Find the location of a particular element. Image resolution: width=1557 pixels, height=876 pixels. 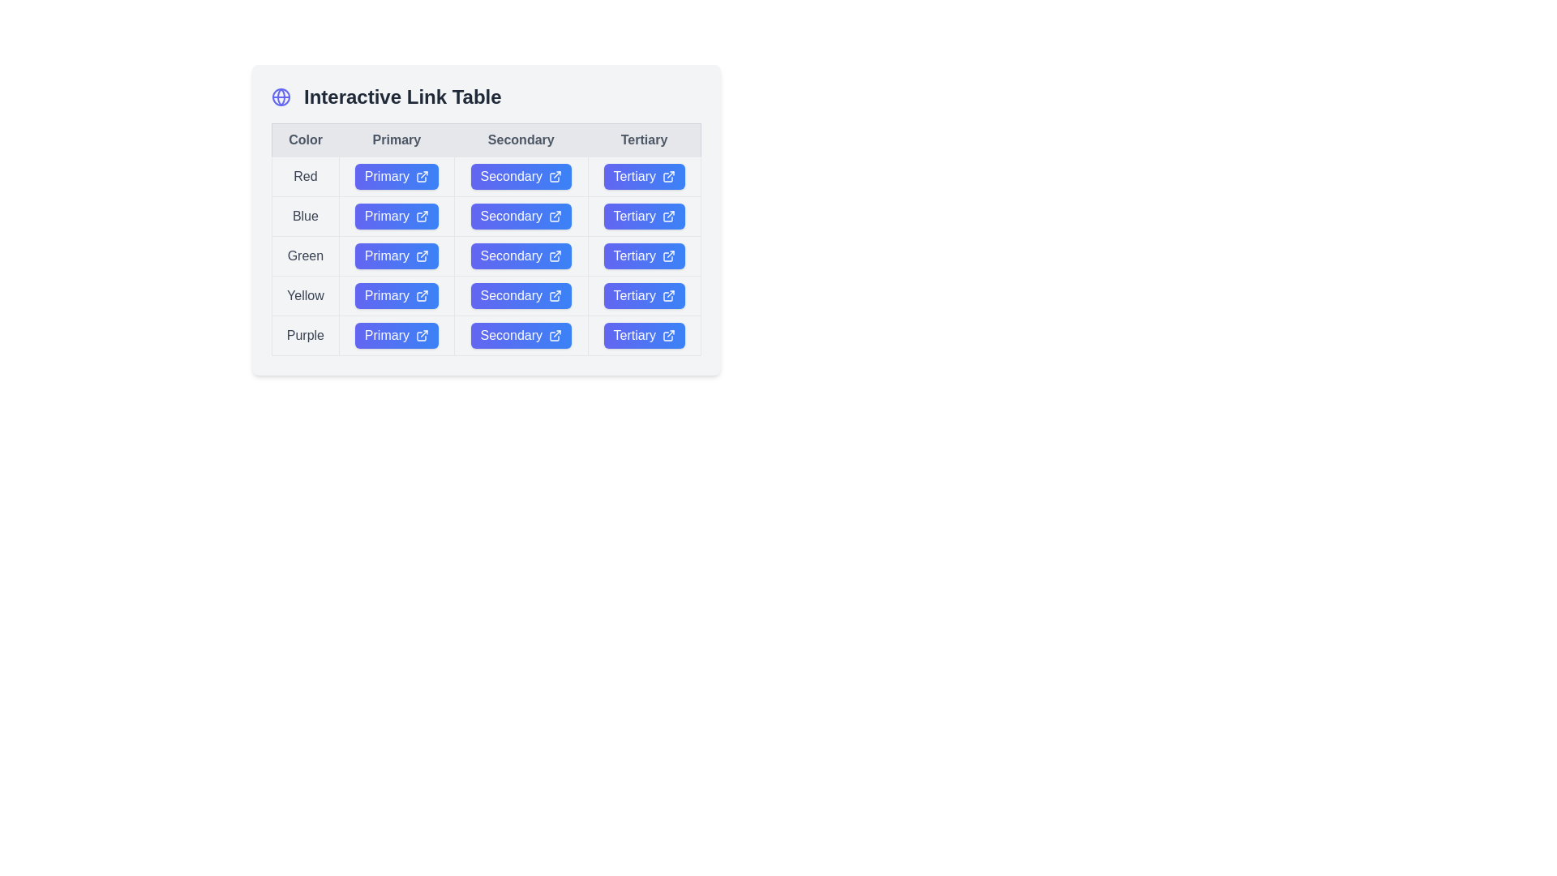

the external link icon with a thin outline, which is located inside the 'Secondary' button in the second column of the 'Blue' row in the Interactive Link Table is located at coordinates (555, 215).